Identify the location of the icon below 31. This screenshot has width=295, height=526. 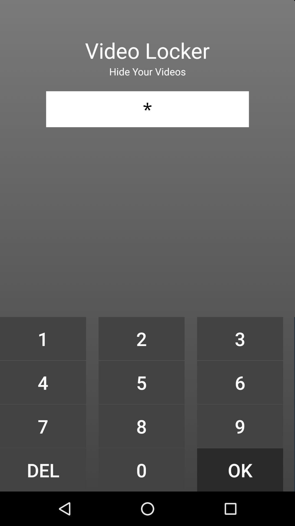
(141, 338).